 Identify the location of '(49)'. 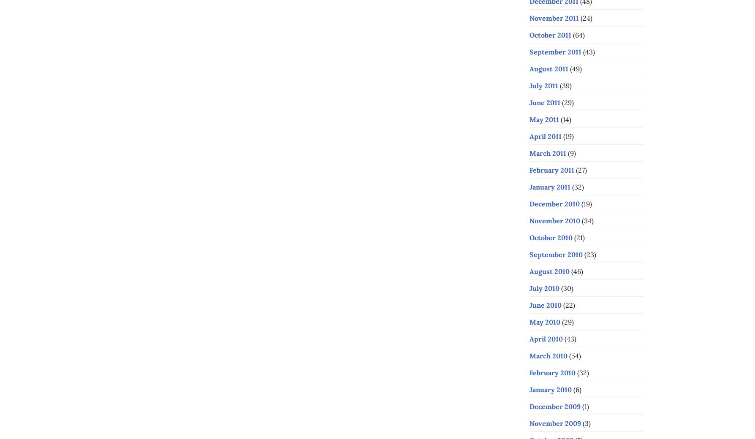
(575, 68).